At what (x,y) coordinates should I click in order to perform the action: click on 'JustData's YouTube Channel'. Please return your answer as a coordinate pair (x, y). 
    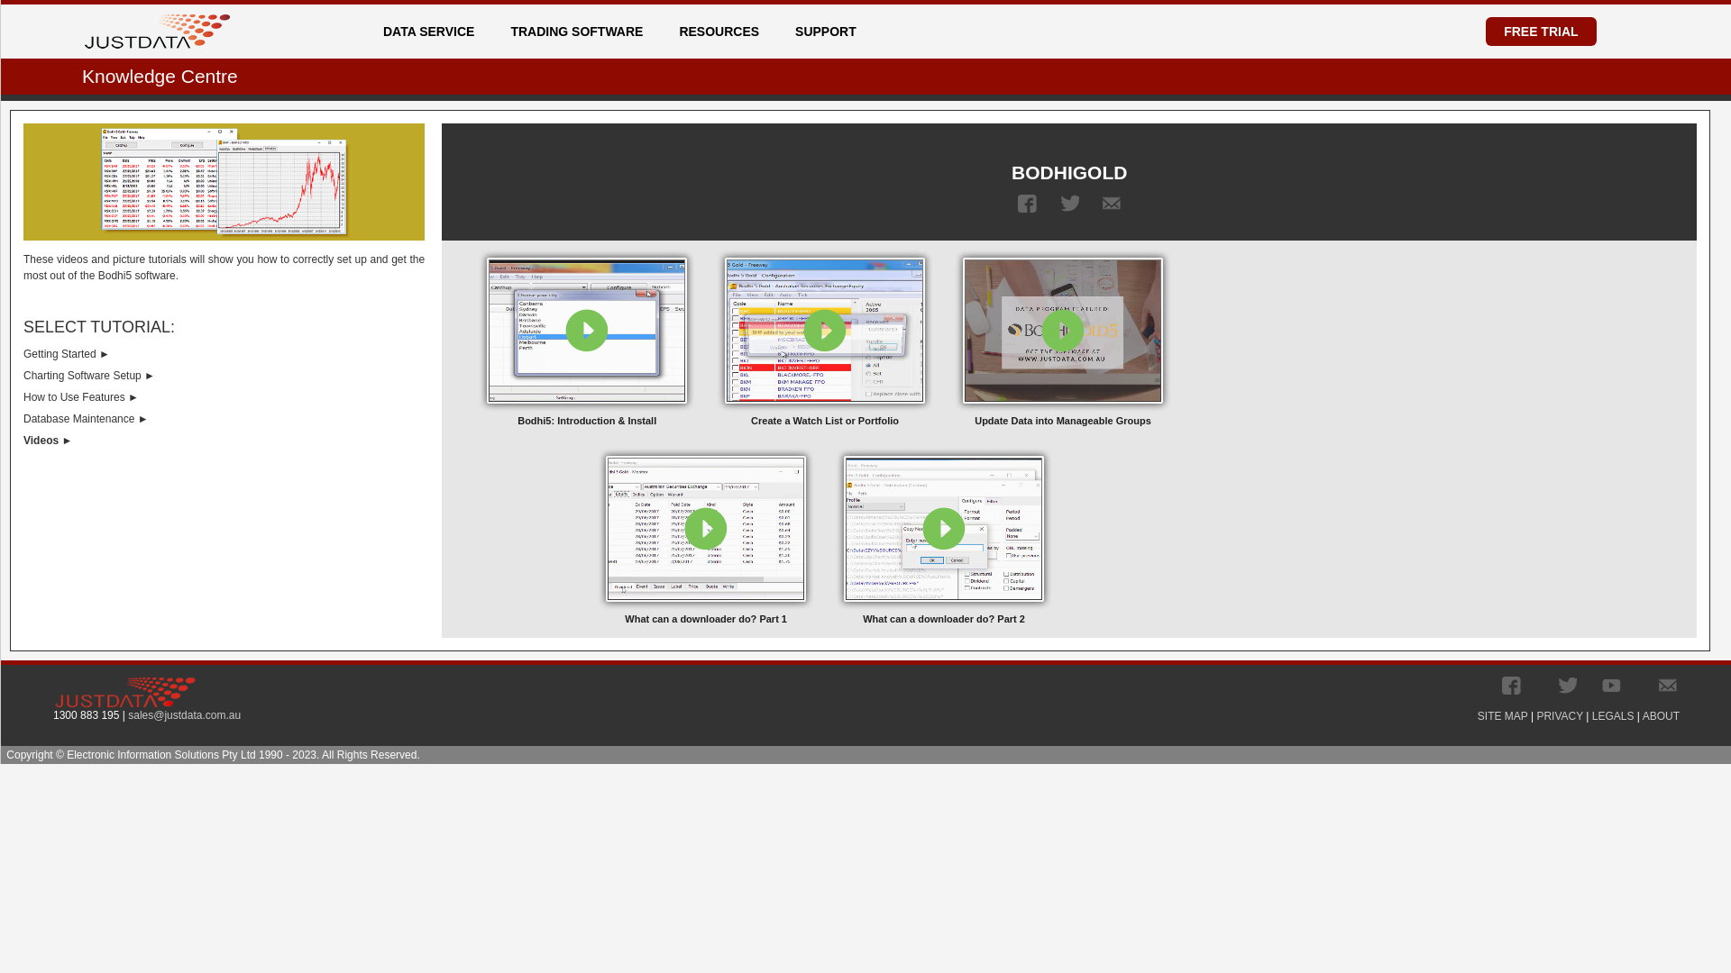
    Looking at the image, I should click on (1611, 685).